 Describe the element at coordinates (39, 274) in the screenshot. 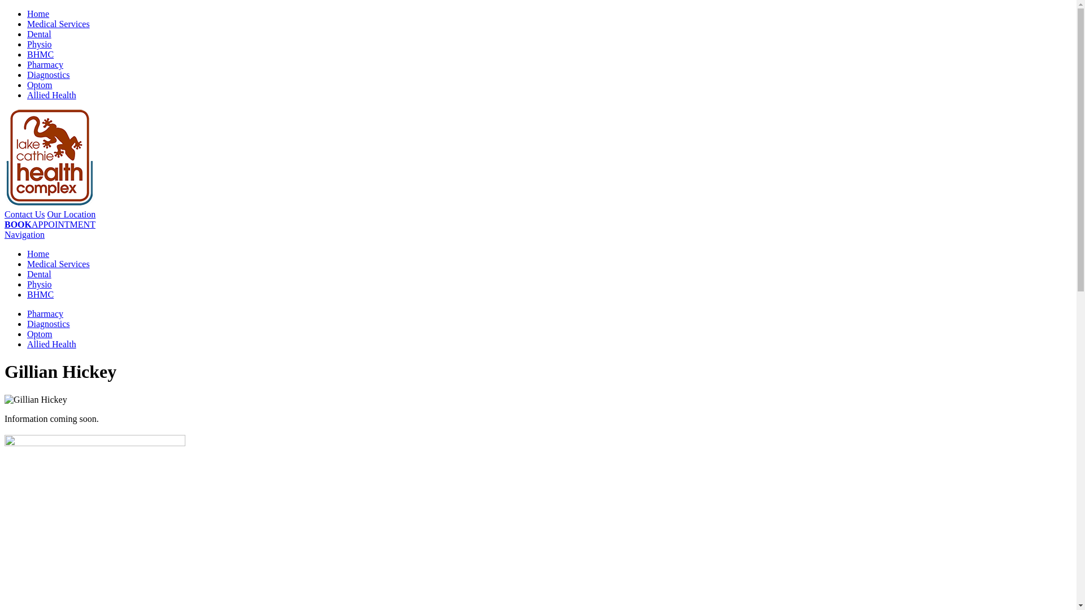

I see `'Dental'` at that location.